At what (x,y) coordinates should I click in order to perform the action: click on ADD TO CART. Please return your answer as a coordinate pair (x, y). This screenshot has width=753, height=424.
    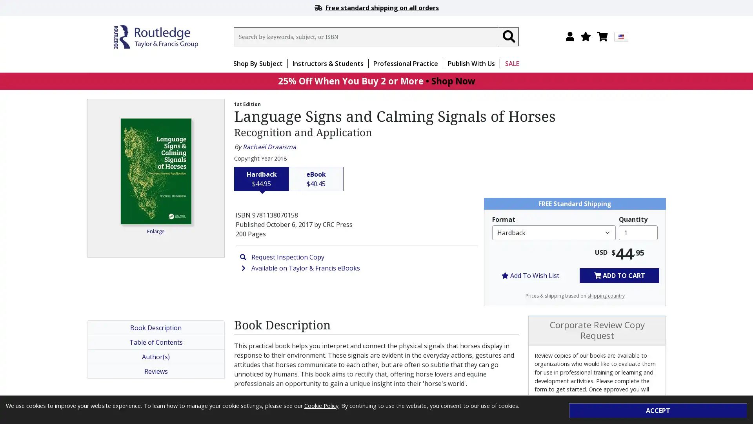
    Looking at the image, I should click on (619, 275).